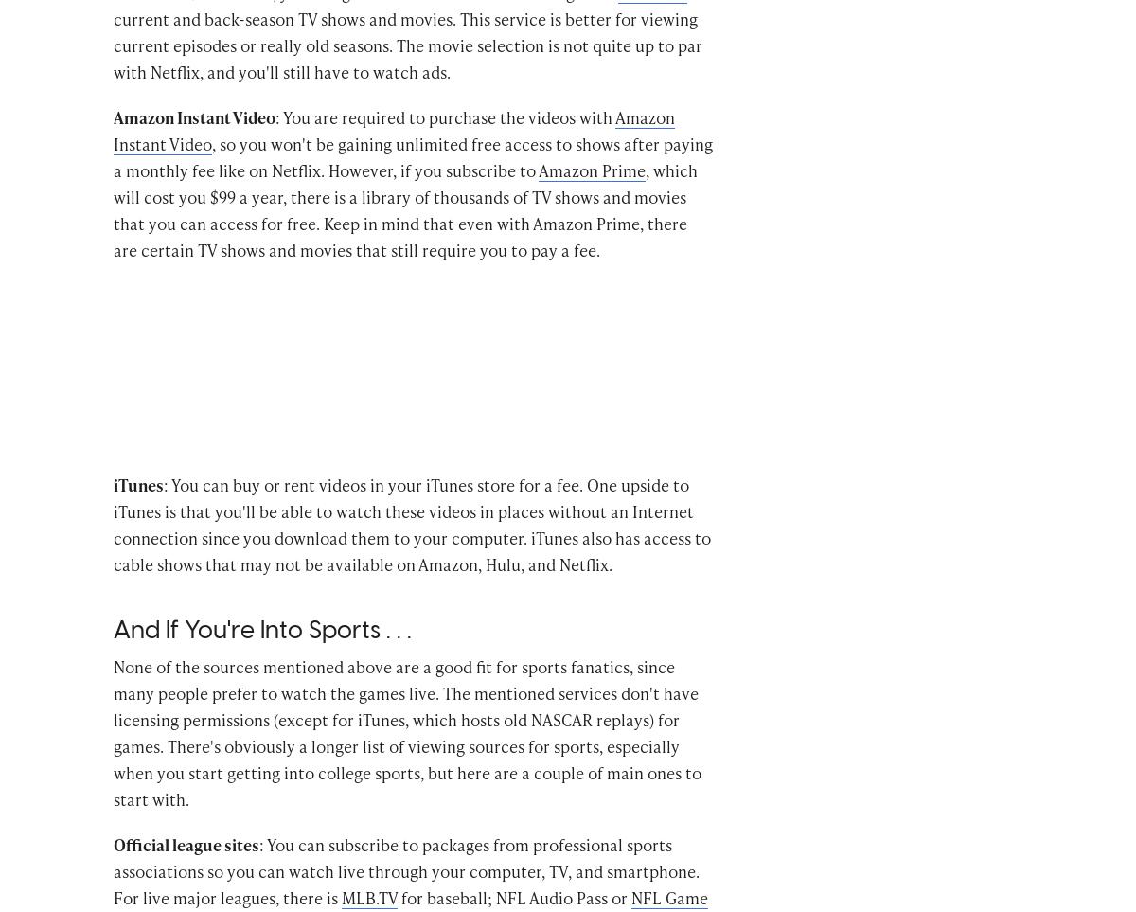 The image size is (1136, 912). I want to click on ', which will cost you $99 a year, there is a library of thousands of TV shows and movies that you can access for free. Keep in mind that even with Amazon Prime, there are certain TV shows and movies that still require you to pay a fee.', so click(114, 238).